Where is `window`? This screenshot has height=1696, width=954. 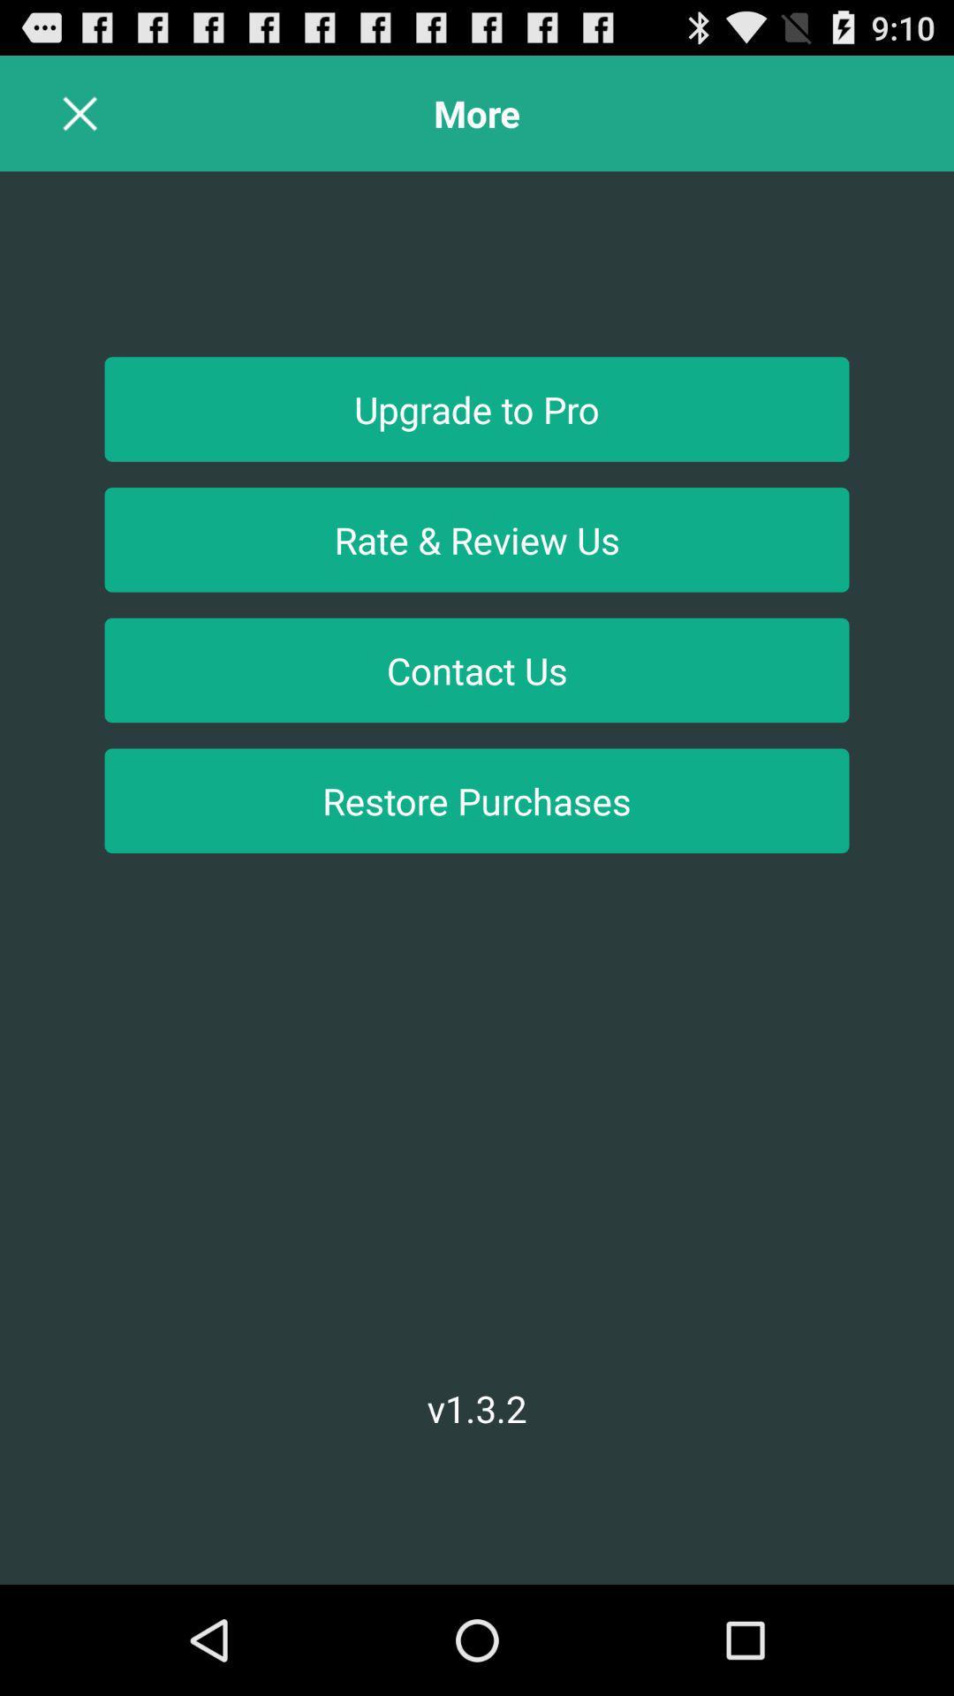 window is located at coordinates (80, 112).